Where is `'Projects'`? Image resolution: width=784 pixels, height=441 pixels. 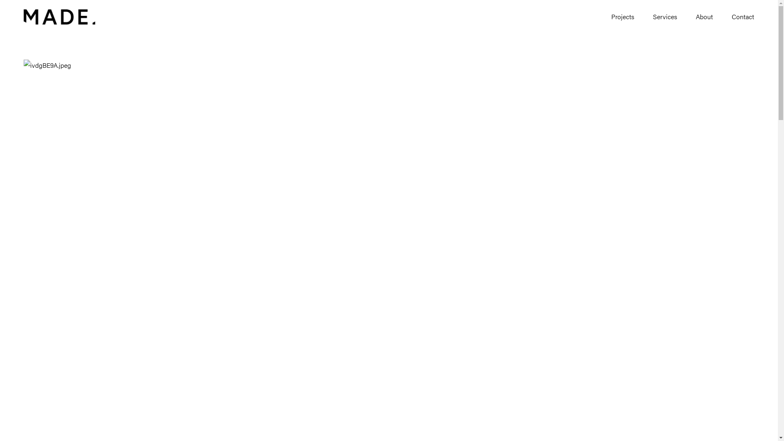
'Projects' is located at coordinates (611, 17).